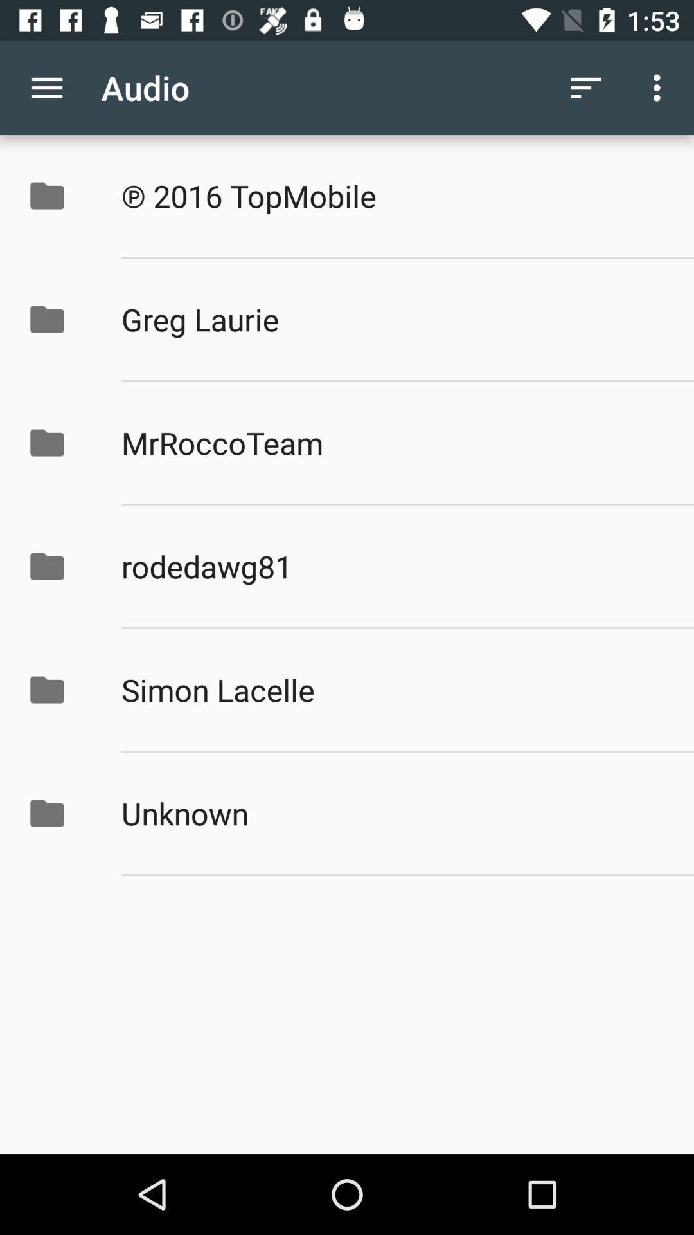 The width and height of the screenshot is (694, 1235). Describe the element at coordinates (46, 87) in the screenshot. I see `the icon next to the audio icon` at that location.